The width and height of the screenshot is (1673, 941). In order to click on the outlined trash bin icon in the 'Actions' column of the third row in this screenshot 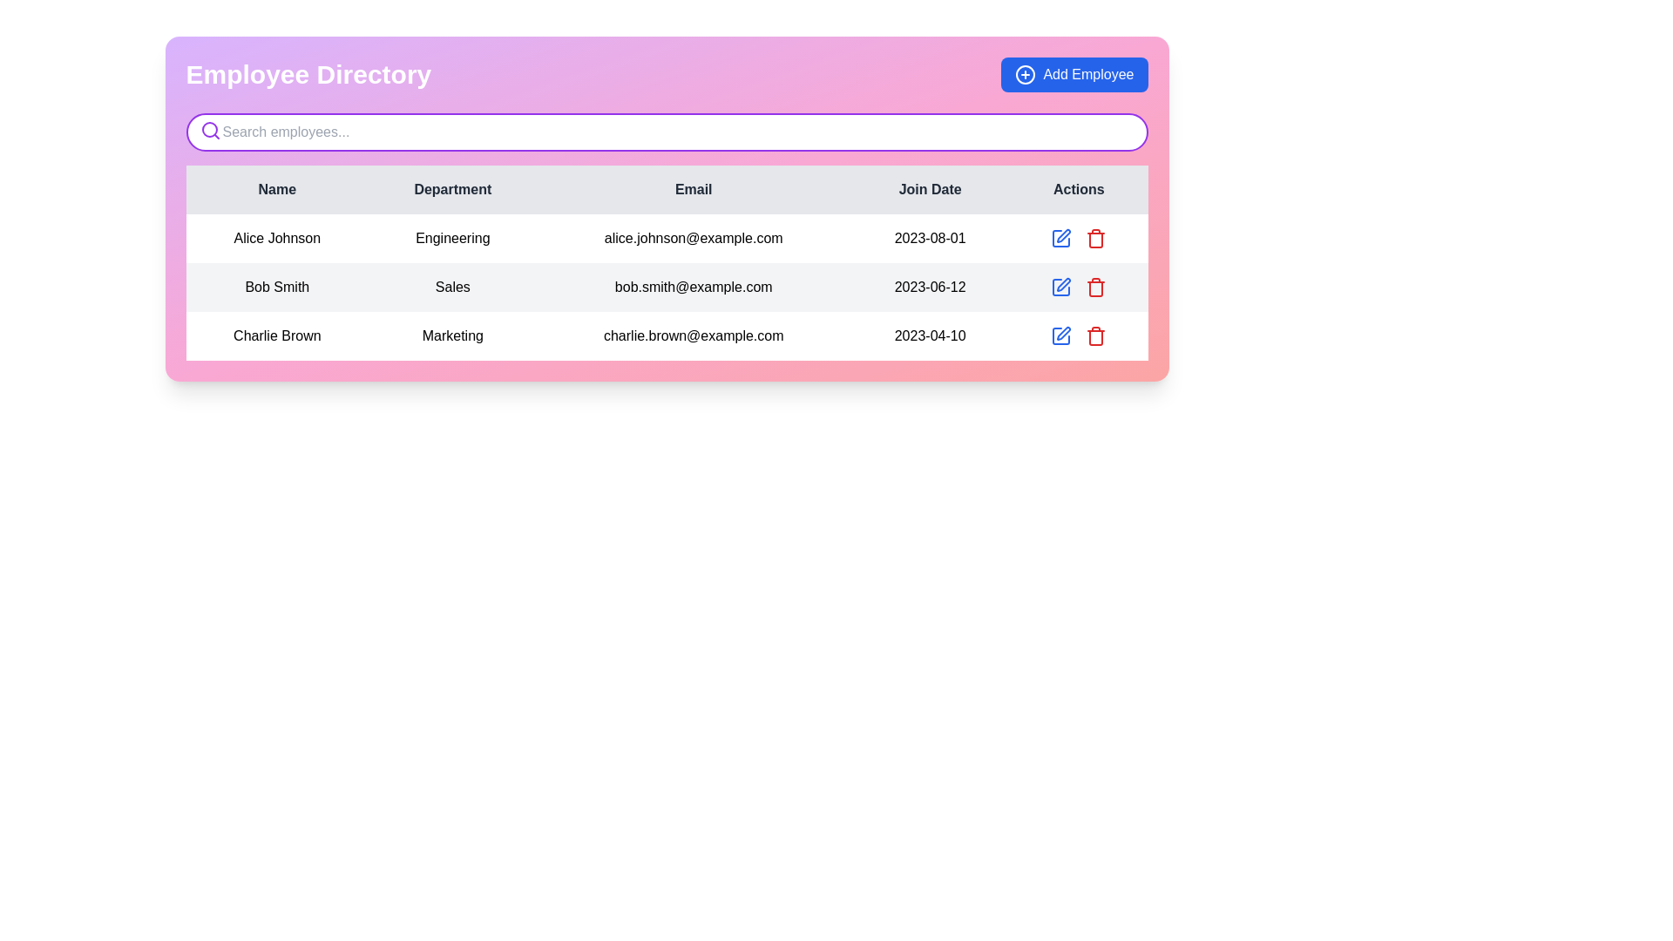, I will do `click(1095, 288)`.